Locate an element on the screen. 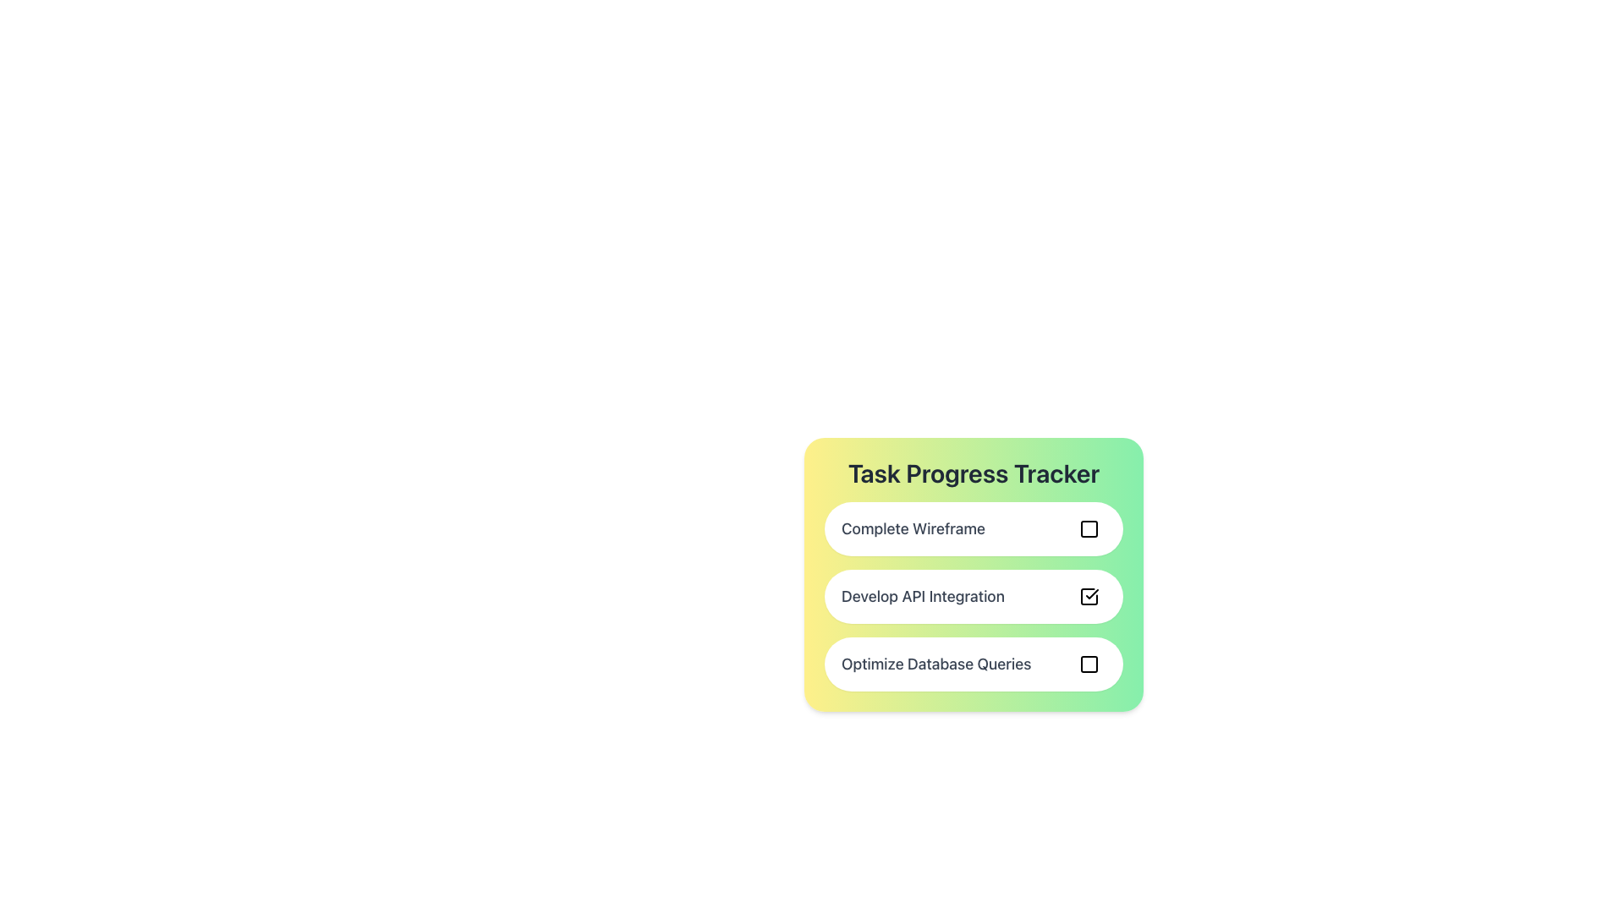  the checkbox icon associated with 'Optimize Database Queries' within the 'Task Progress Tracker' card is located at coordinates (1089, 664).